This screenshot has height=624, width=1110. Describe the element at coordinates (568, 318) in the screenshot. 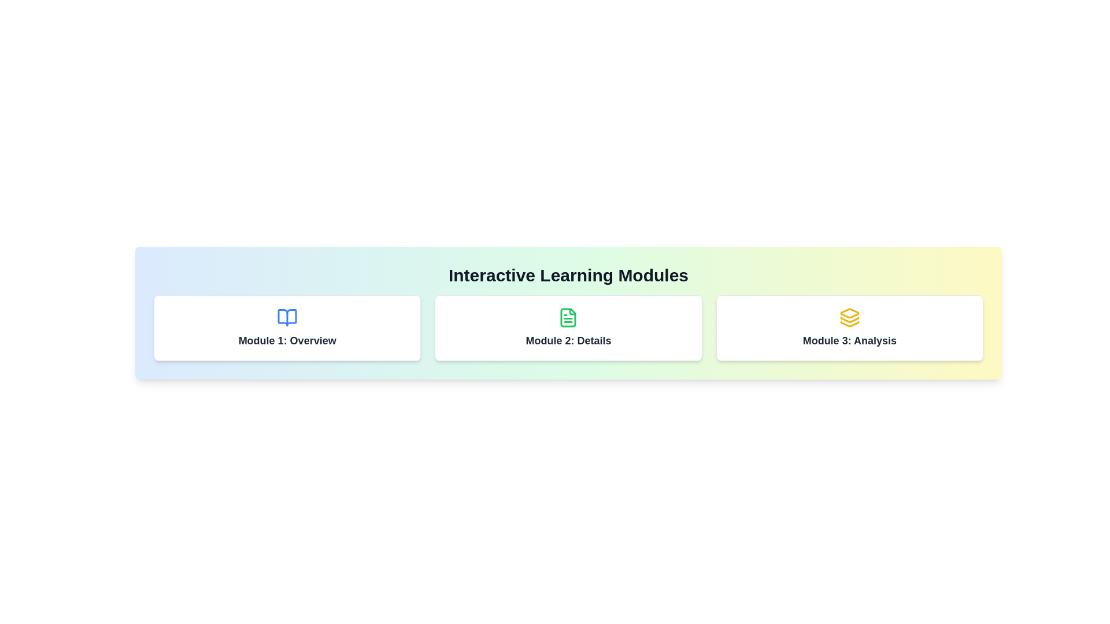

I see `the icon representing the topic of the 'Module 2: Details' card, located at the top center of the card beneath the header 'Interactive Learning Modules'` at that location.